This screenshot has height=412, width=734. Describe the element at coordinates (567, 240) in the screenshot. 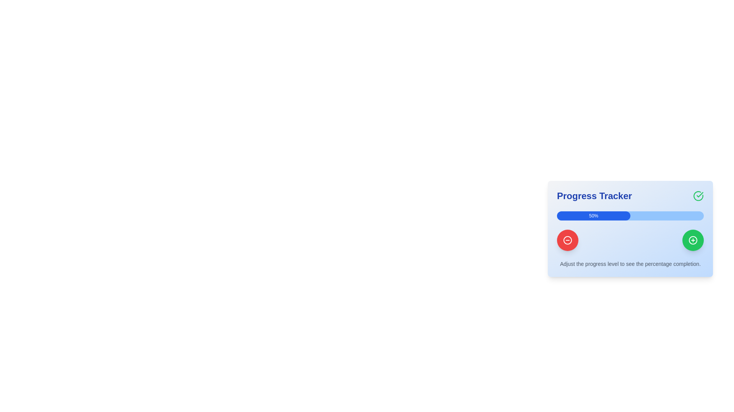

I see `the circular red button with a dash symbol in the Progress Tracker panel` at that location.